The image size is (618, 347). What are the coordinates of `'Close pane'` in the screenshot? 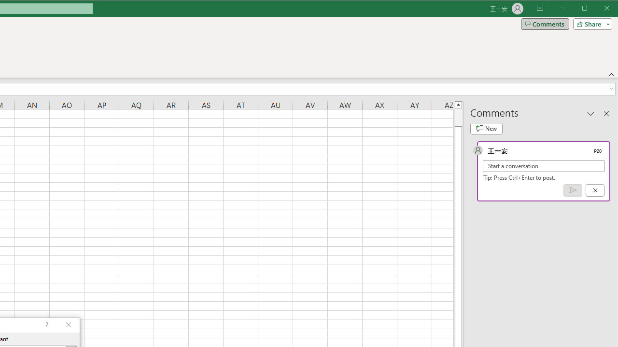 It's located at (606, 113).